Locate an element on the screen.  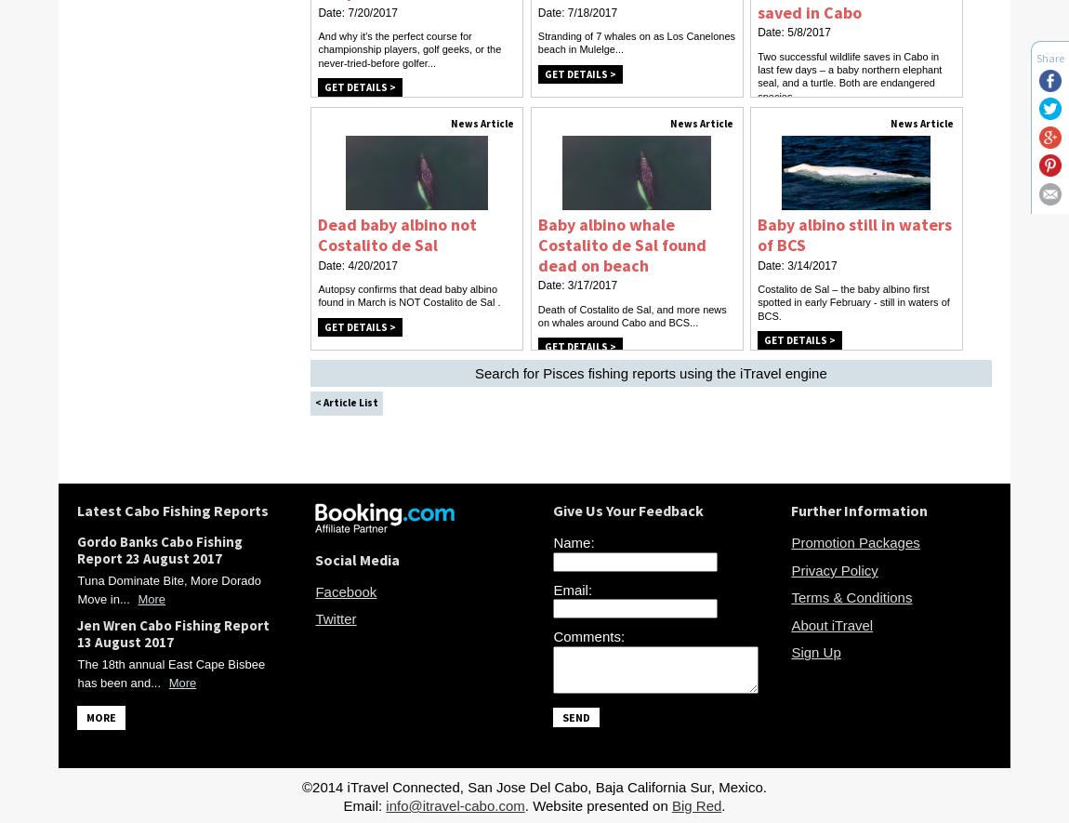
'Comments:' is located at coordinates (587, 636).